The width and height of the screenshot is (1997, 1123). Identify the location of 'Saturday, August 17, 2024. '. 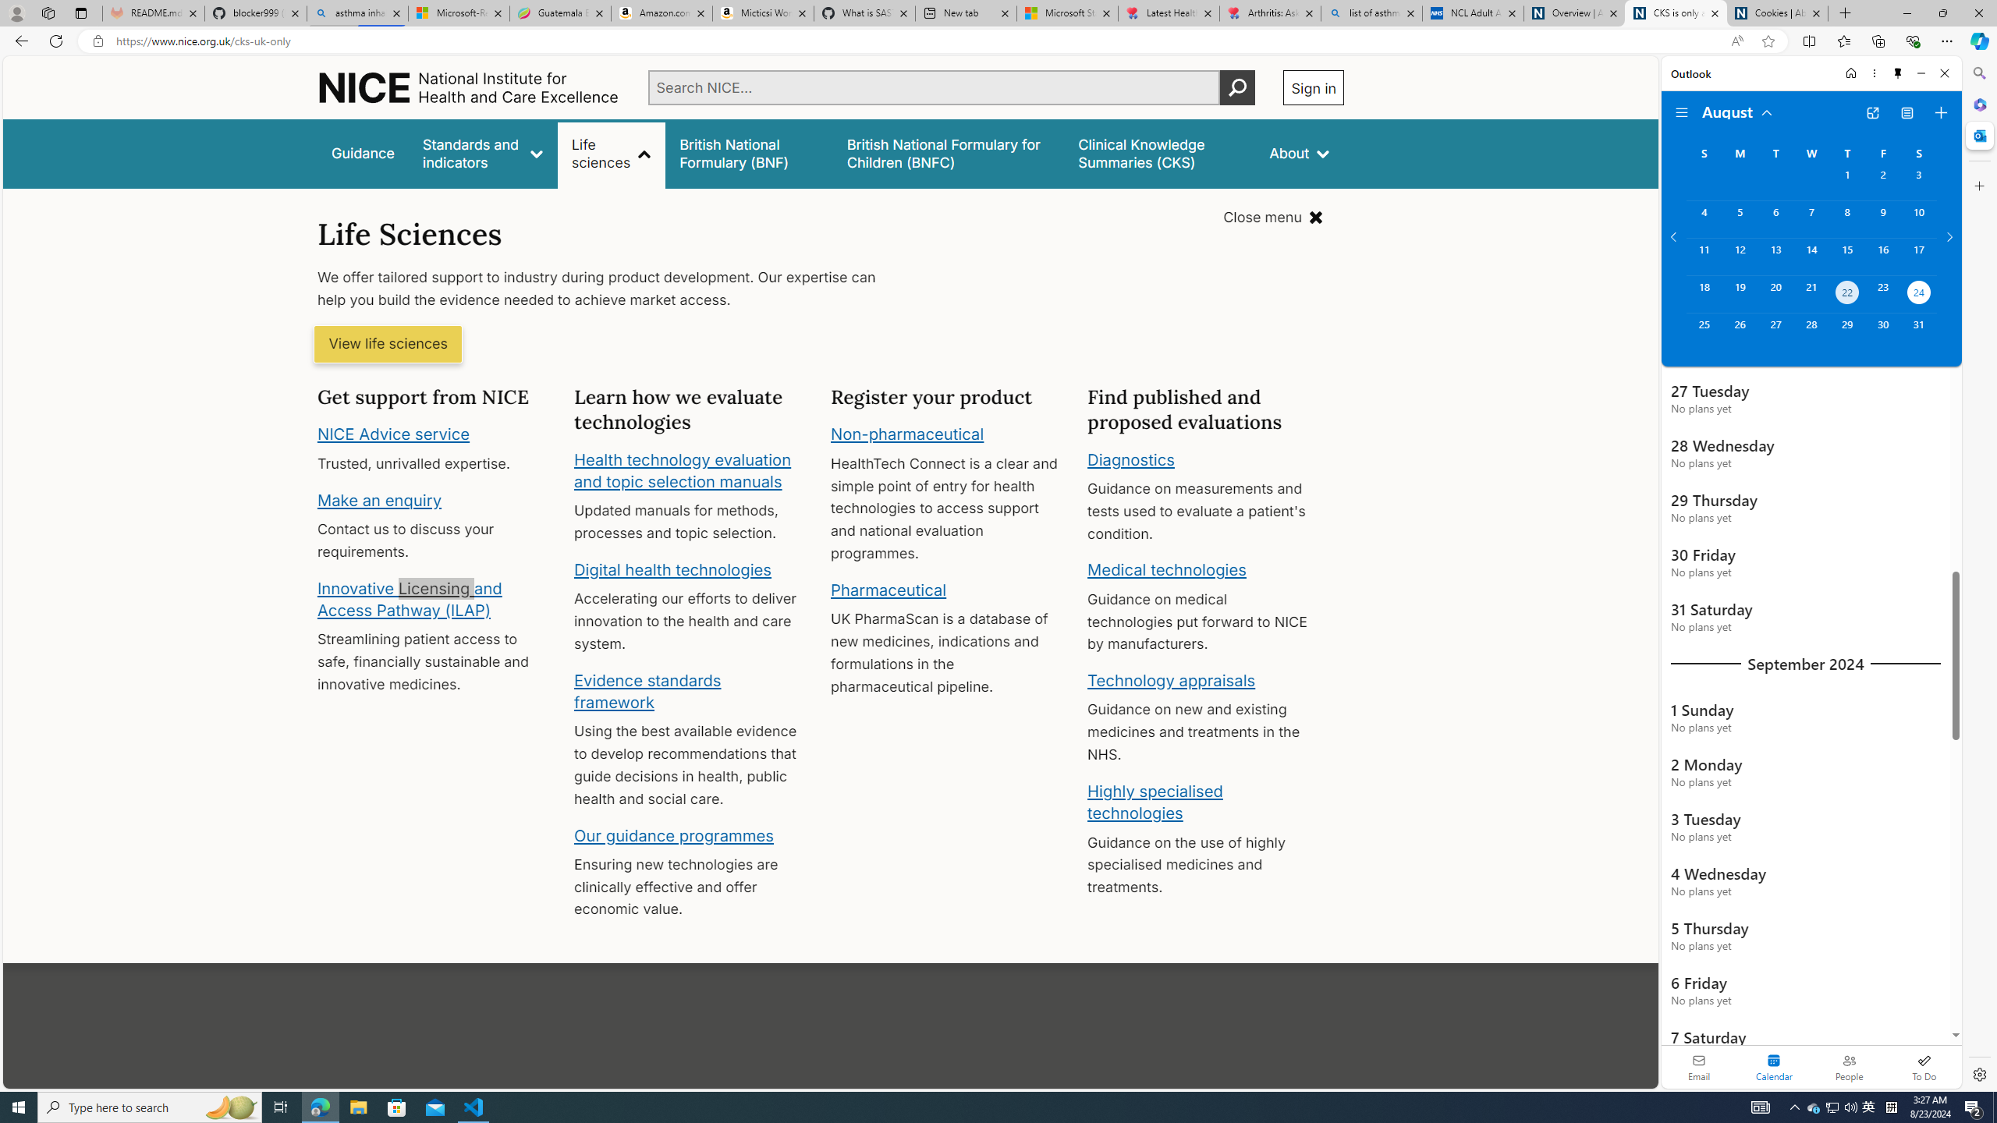
(1918, 257).